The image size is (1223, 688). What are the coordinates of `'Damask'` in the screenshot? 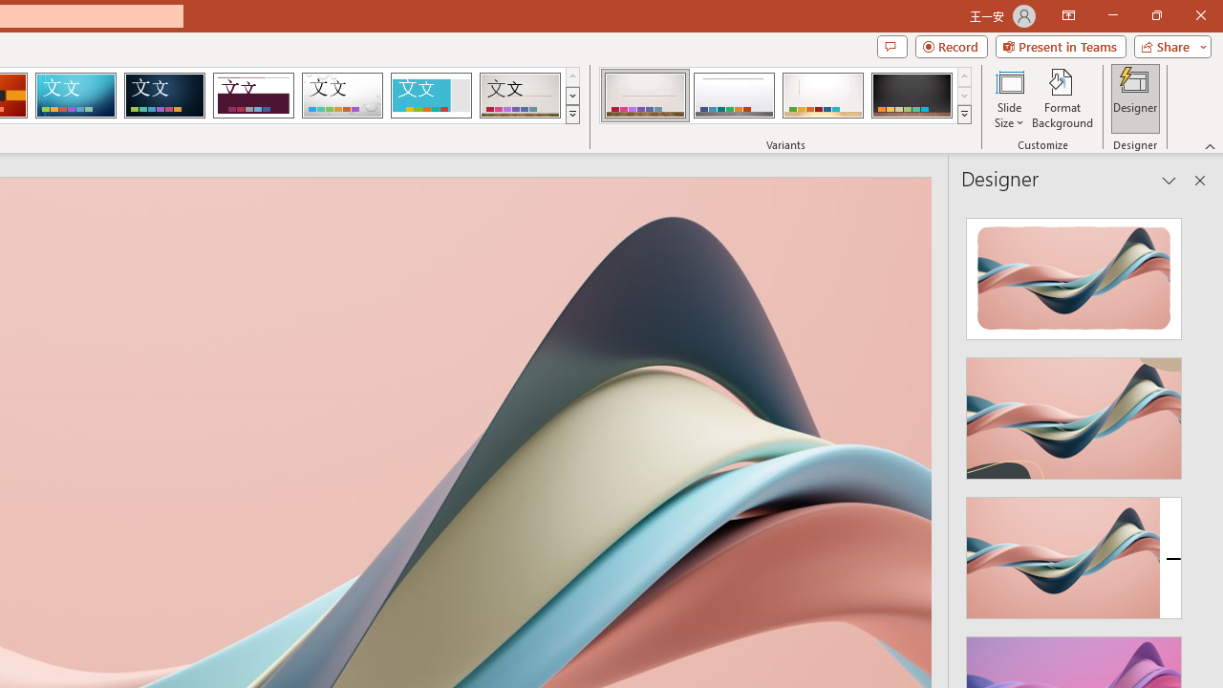 It's located at (164, 96).